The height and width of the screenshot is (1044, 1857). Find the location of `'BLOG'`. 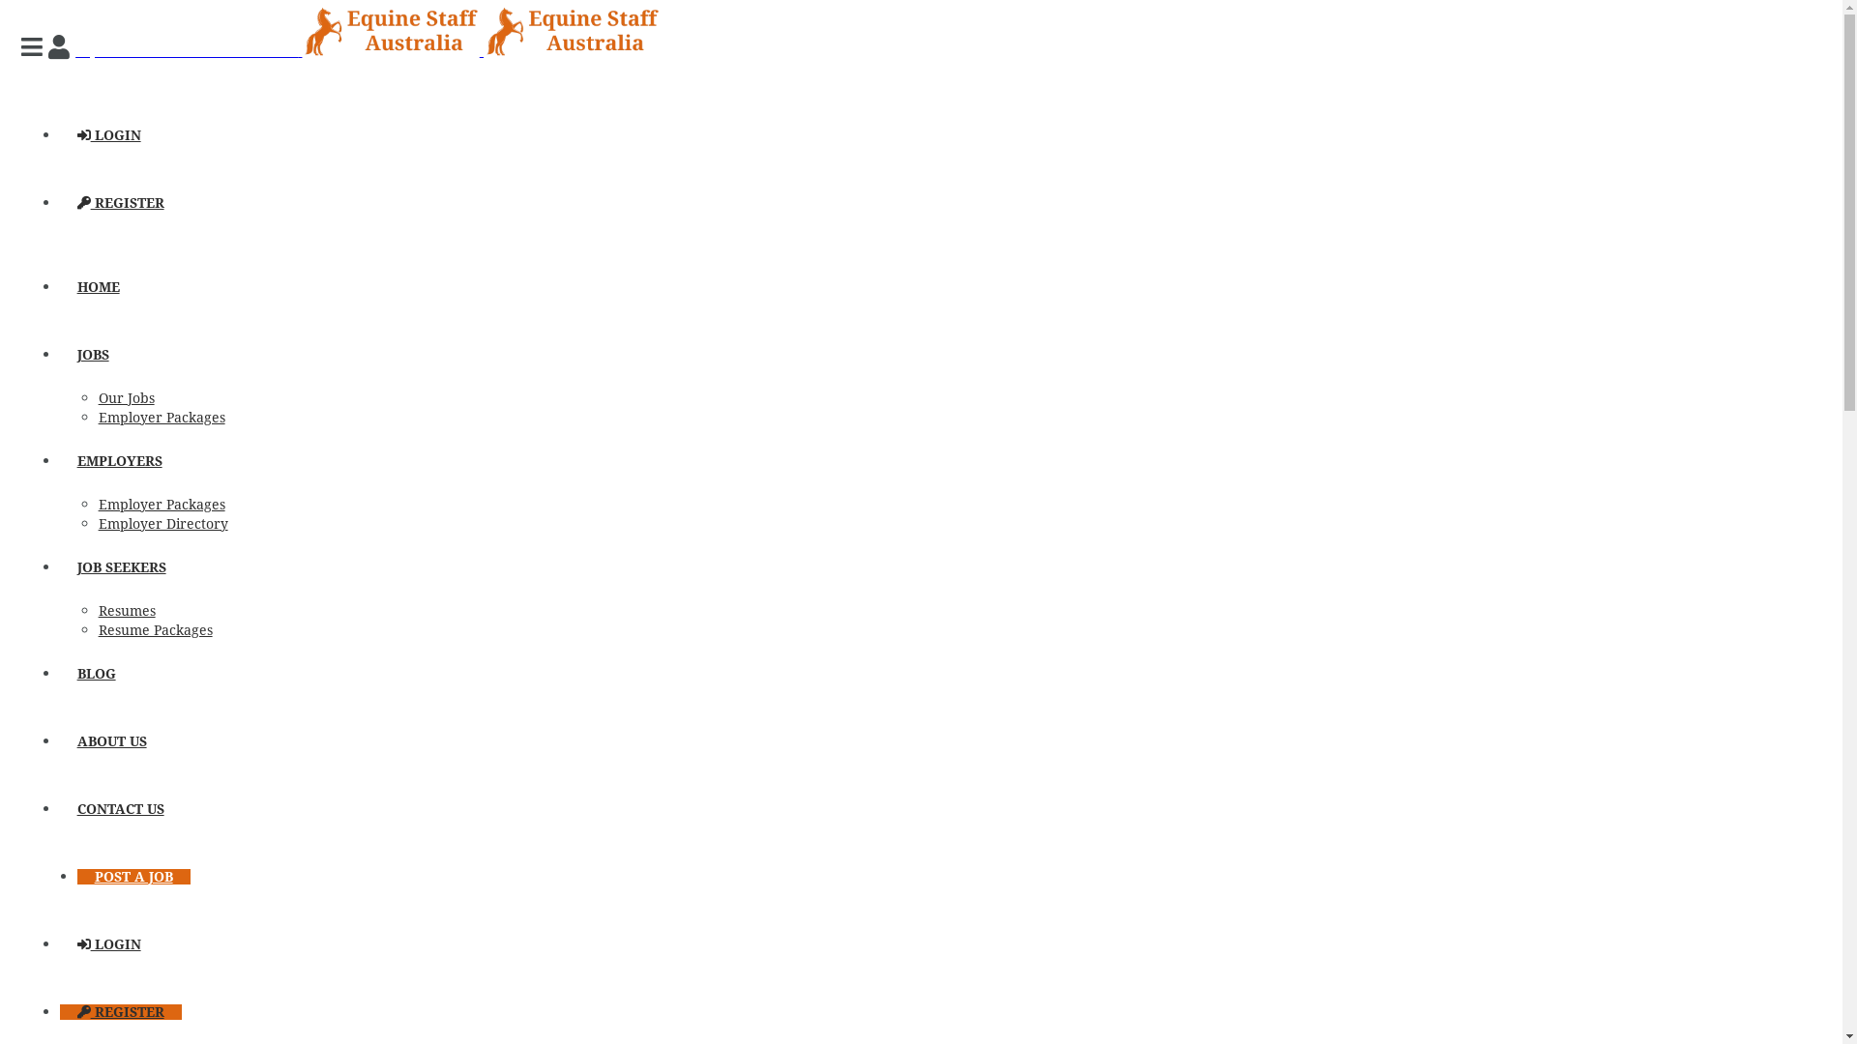

'BLOG' is located at coordinates (96, 673).